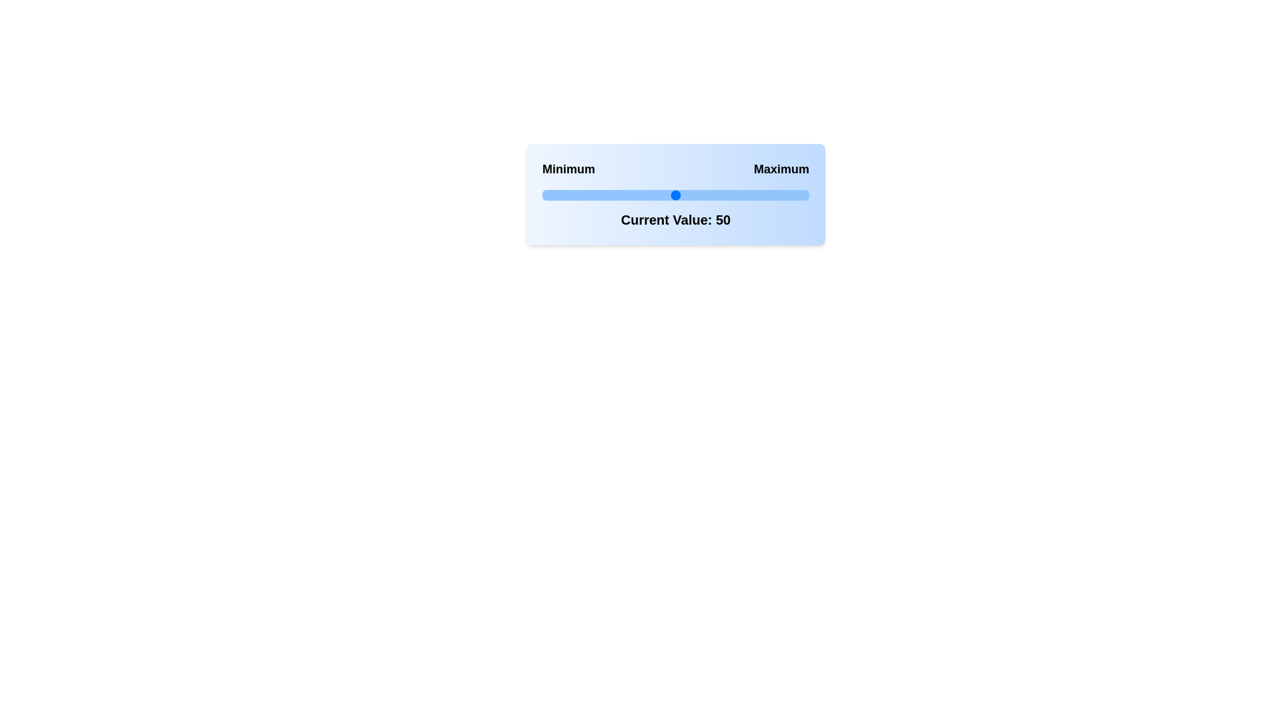  I want to click on the slider to set its value to 16, so click(585, 195).